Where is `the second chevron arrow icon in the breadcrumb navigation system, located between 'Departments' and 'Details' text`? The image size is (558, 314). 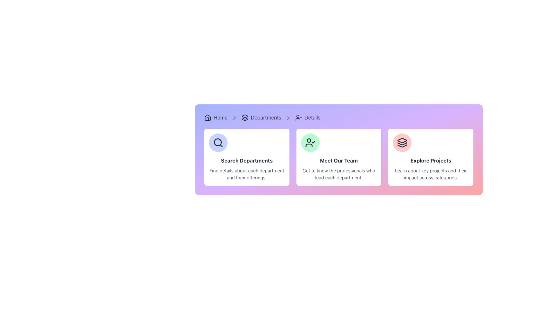 the second chevron arrow icon in the breadcrumb navigation system, located between 'Departments' and 'Details' text is located at coordinates (288, 118).